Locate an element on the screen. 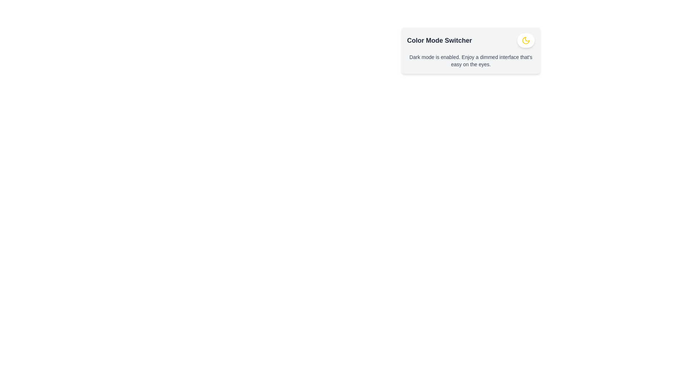  the crescent moon icon within the circular button in the top-right corner of the 'Color Mode Switcher' box is located at coordinates (526, 40).